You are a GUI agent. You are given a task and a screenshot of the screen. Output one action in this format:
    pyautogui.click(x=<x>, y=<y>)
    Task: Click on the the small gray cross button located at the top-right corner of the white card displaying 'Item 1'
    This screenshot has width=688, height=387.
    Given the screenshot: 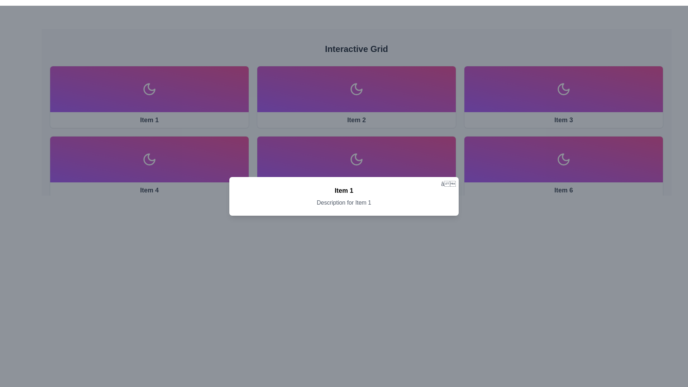 What is the action you would take?
    pyautogui.click(x=448, y=183)
    